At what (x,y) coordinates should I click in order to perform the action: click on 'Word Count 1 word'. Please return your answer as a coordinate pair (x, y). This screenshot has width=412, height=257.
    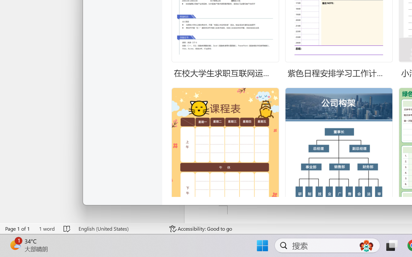
    Looking at the image, I should click on (46, 228).